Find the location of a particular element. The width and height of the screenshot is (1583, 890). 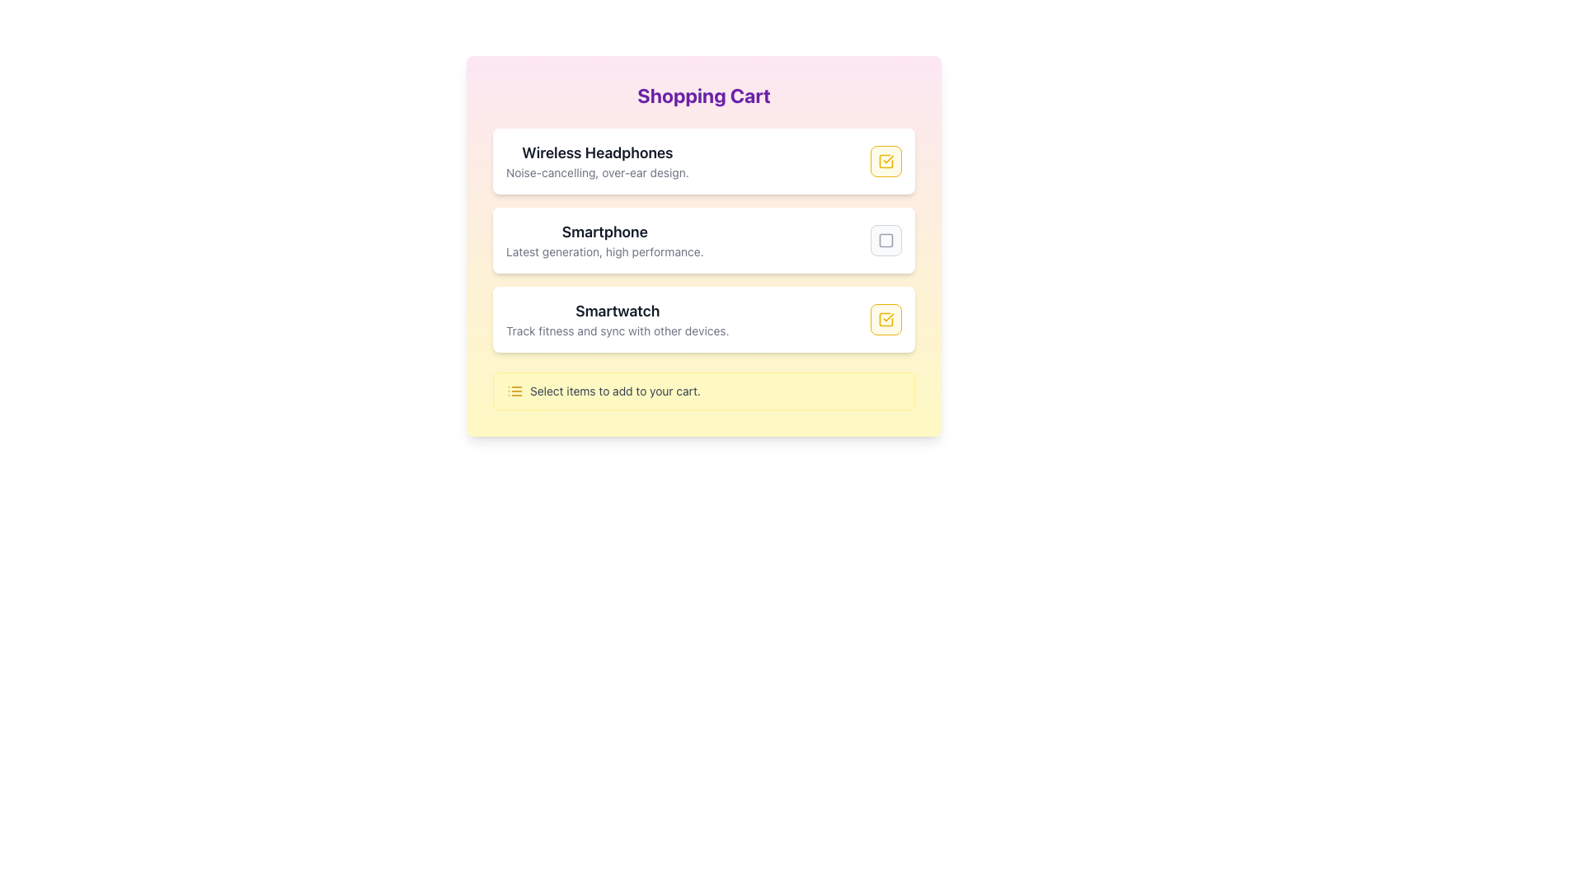

text of the List item labeled 'Smartwatch' with an interactive checkbox to learn about the product is located at coordinates (704, 320).